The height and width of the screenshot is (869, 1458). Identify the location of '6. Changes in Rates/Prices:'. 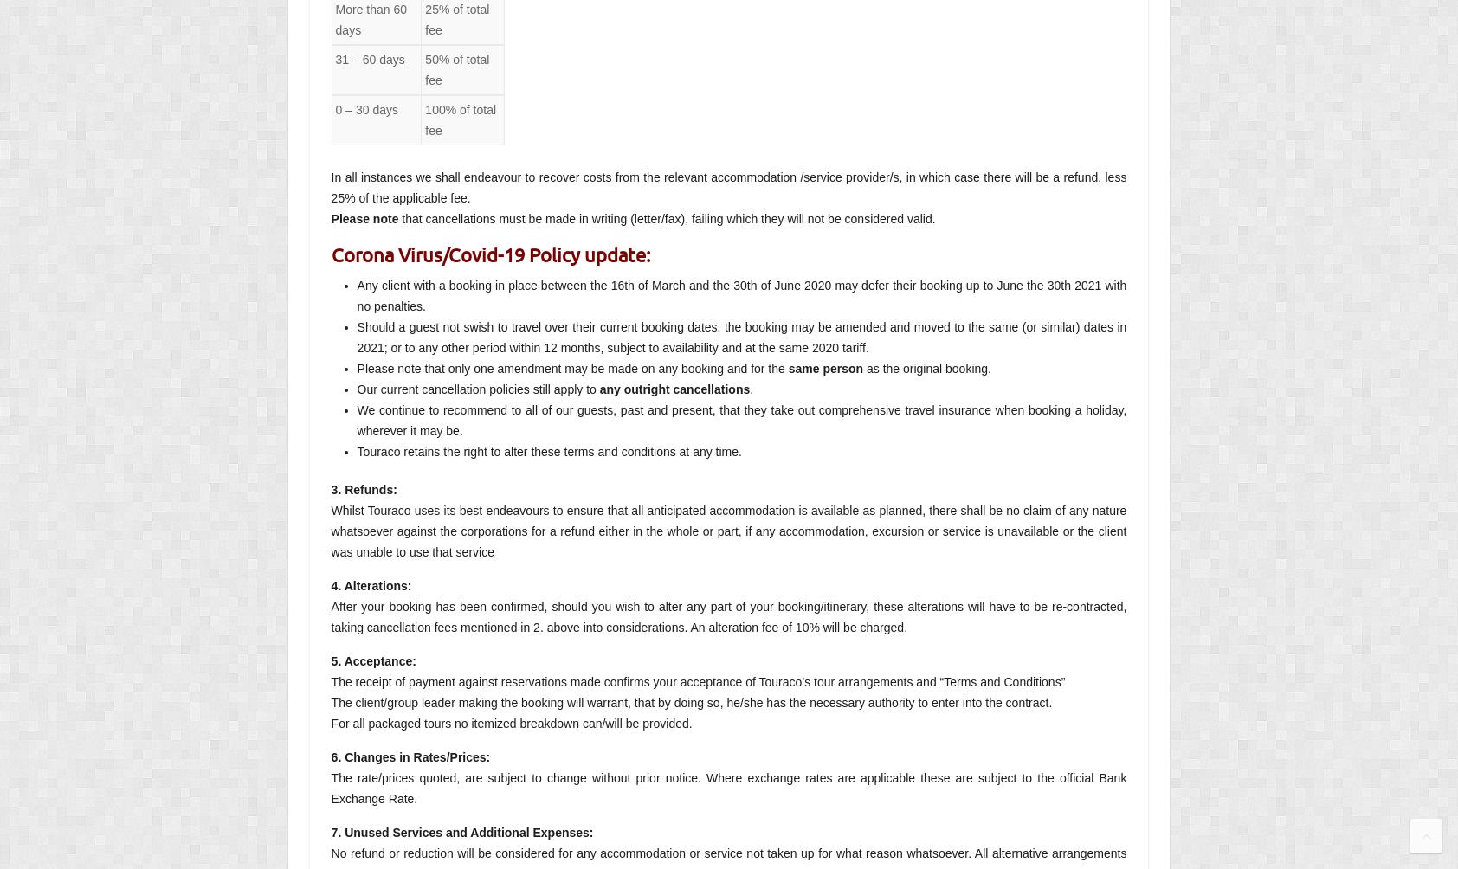
(410, 756).